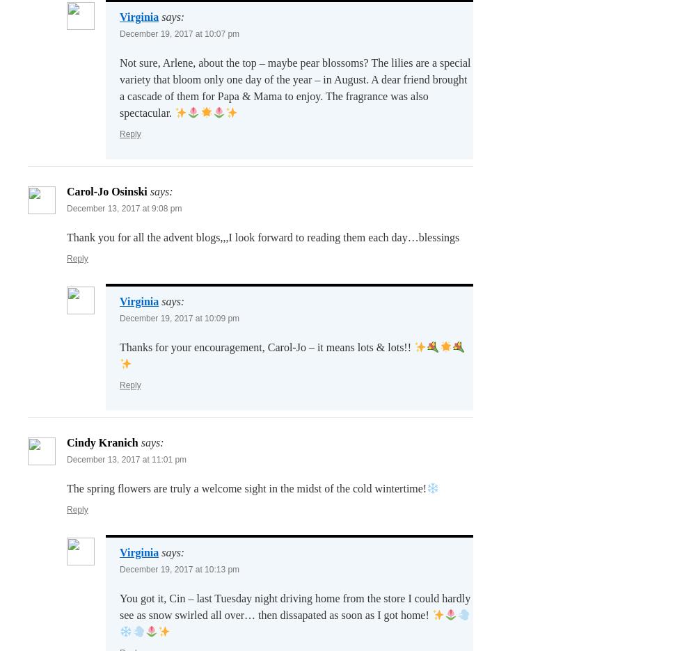 This screenshot has width=682, height=651. What do you see at coordinates (180, 34) in the screenshot?
I see `'December 19, 2017 at 10:07 pm'` at bounding box center [180, 34].